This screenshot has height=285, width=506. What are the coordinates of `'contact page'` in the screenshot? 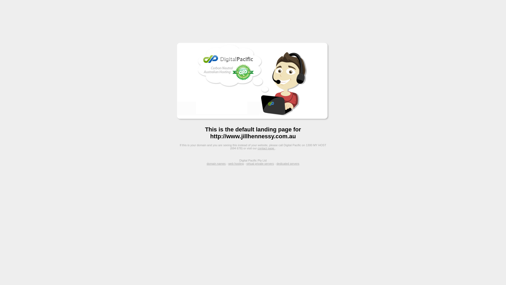 It's located at (266, 148).